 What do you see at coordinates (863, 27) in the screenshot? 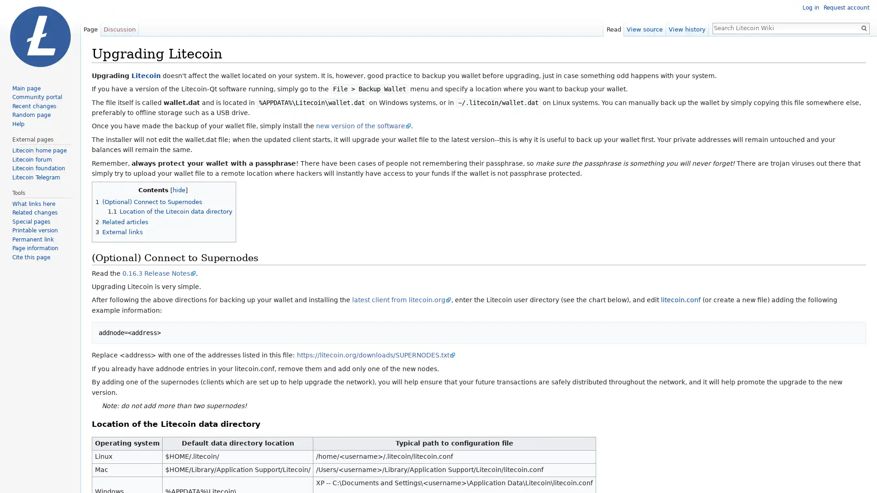
I see `Go` at bounding box center [863, 27].